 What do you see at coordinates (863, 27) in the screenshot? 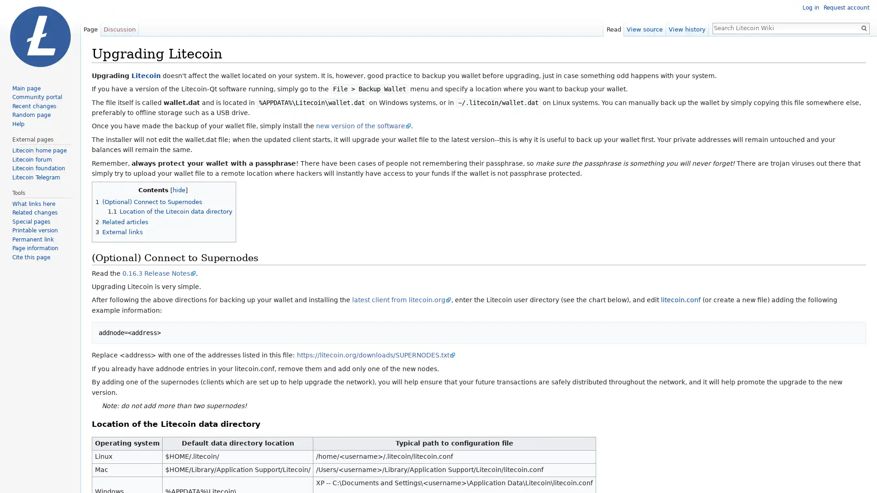
I see `Go` at bounding box center [863, 27].